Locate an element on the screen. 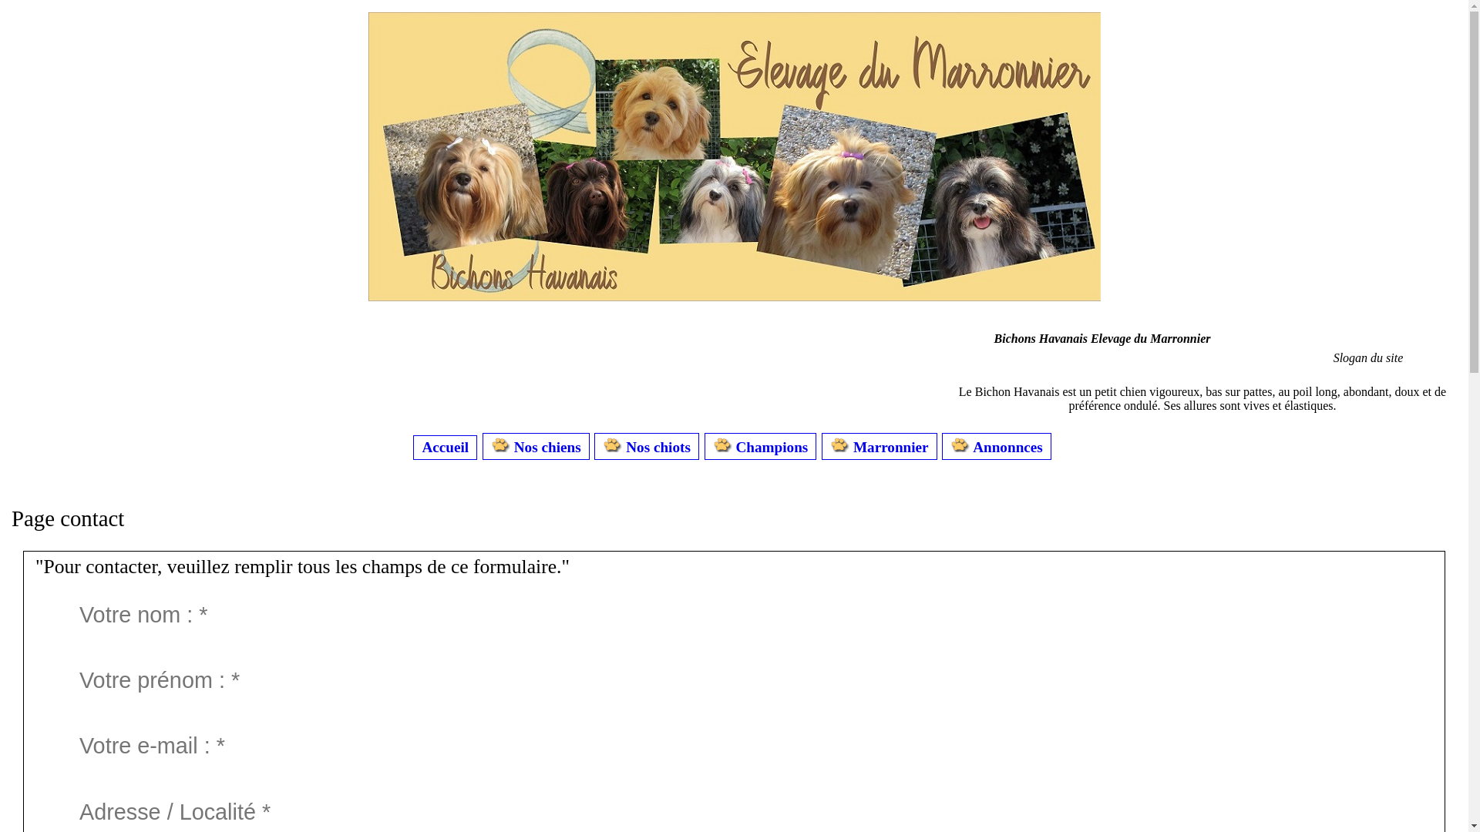  'Marronnier' is located at coordinates (880, 446).